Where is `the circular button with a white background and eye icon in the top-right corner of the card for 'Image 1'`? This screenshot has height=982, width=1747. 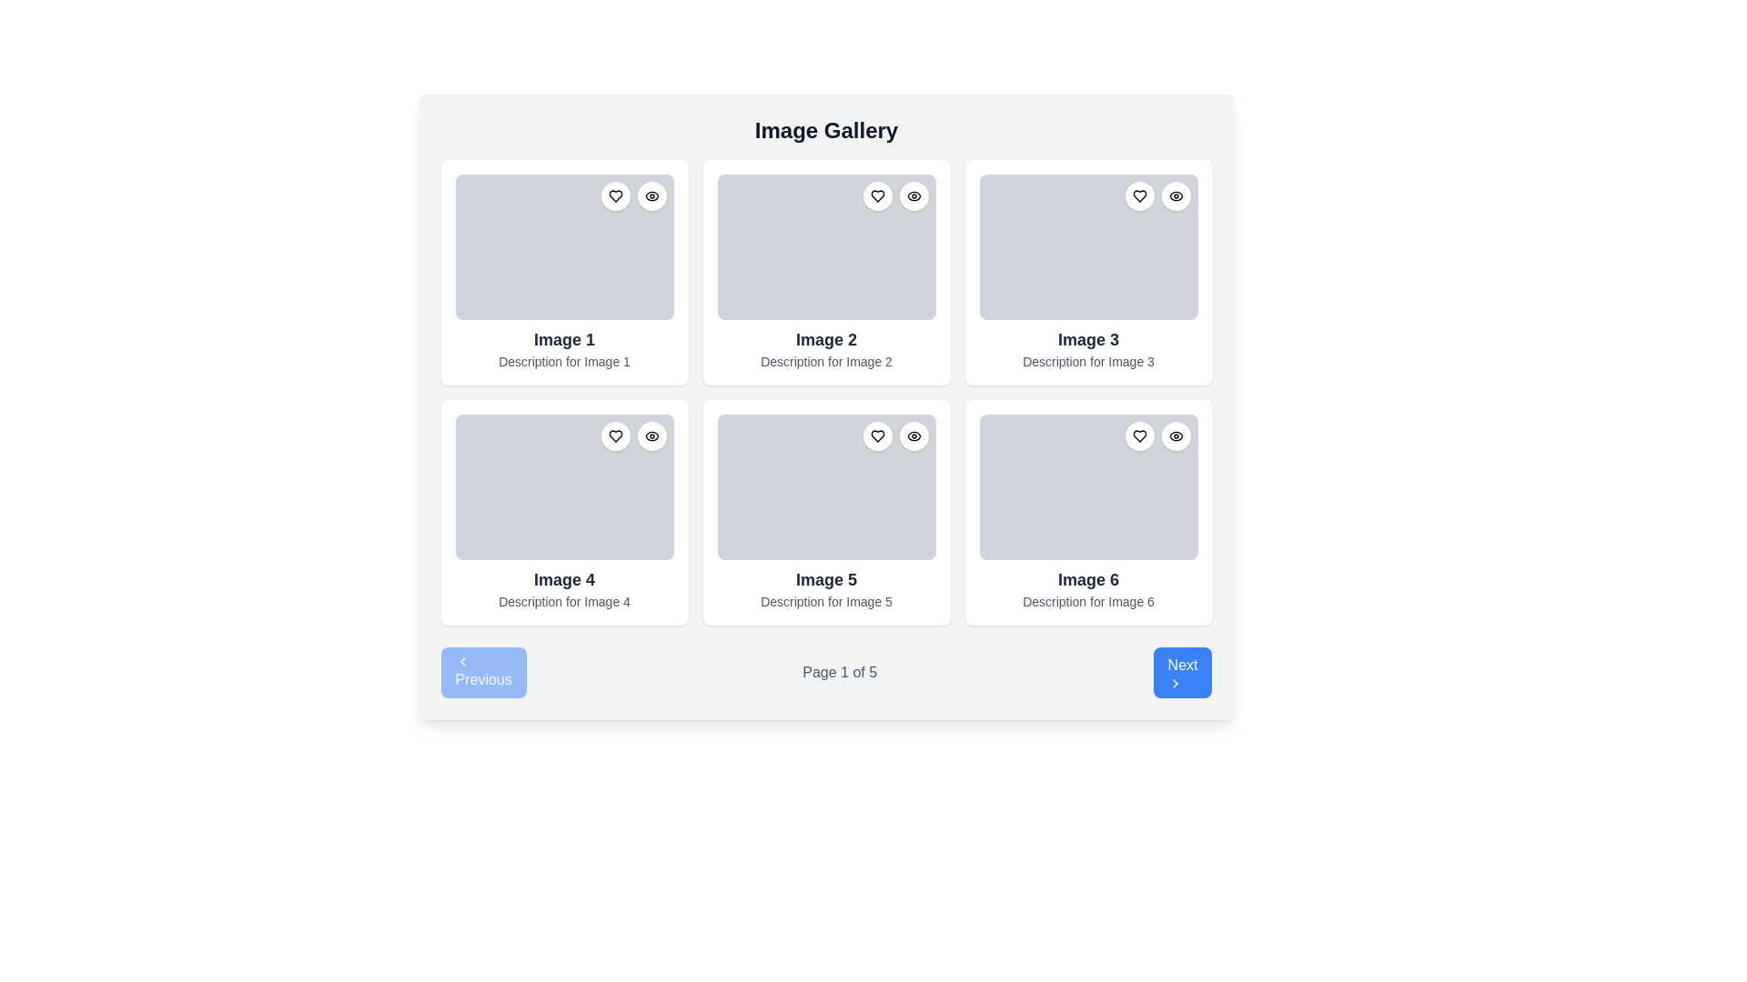 the circular button with a white background and eye icon in the top-right corner of the card for 'Image 1' is located at coordinates (651, 196).